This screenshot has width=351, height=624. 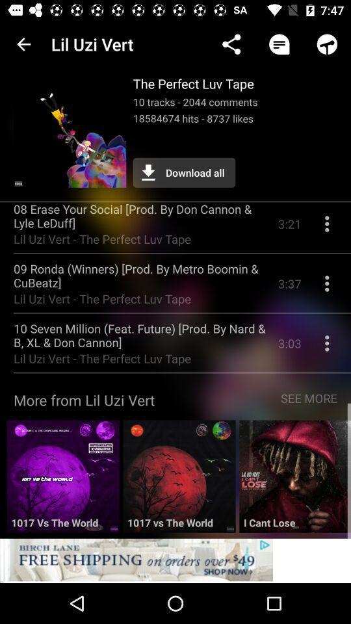 What do you see at coordinates (295, 480) in the screenshot?
I see `next` at bounding box center [295, 480].